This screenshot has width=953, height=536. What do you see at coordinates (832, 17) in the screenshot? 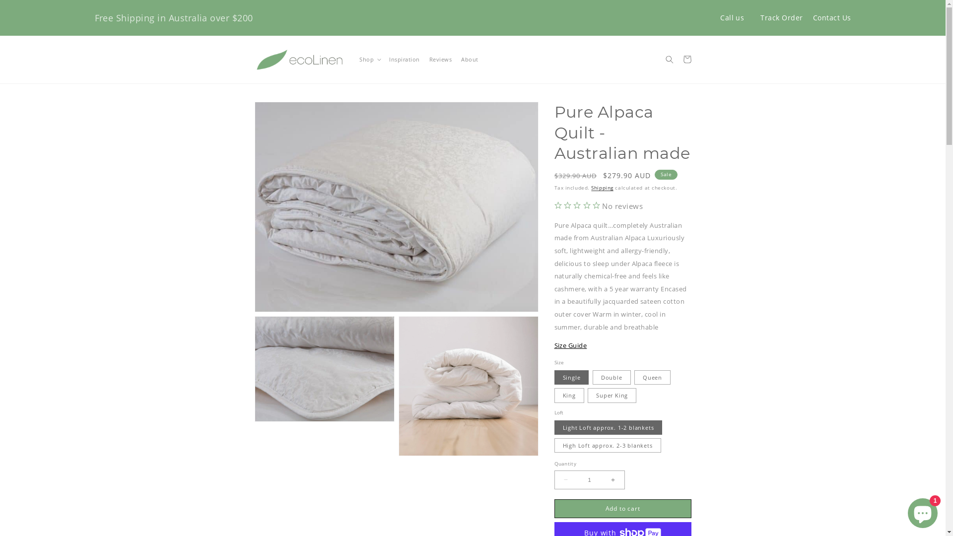
I see `'Contact Us'` at bounding box center [832, 17].